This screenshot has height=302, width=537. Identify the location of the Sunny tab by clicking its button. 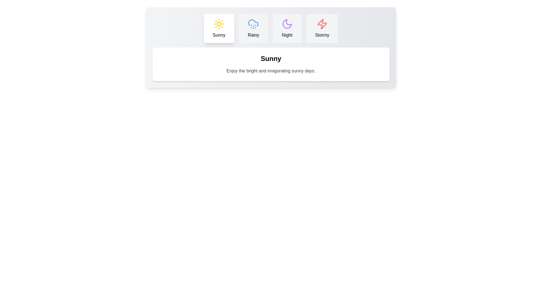
(219, 28).